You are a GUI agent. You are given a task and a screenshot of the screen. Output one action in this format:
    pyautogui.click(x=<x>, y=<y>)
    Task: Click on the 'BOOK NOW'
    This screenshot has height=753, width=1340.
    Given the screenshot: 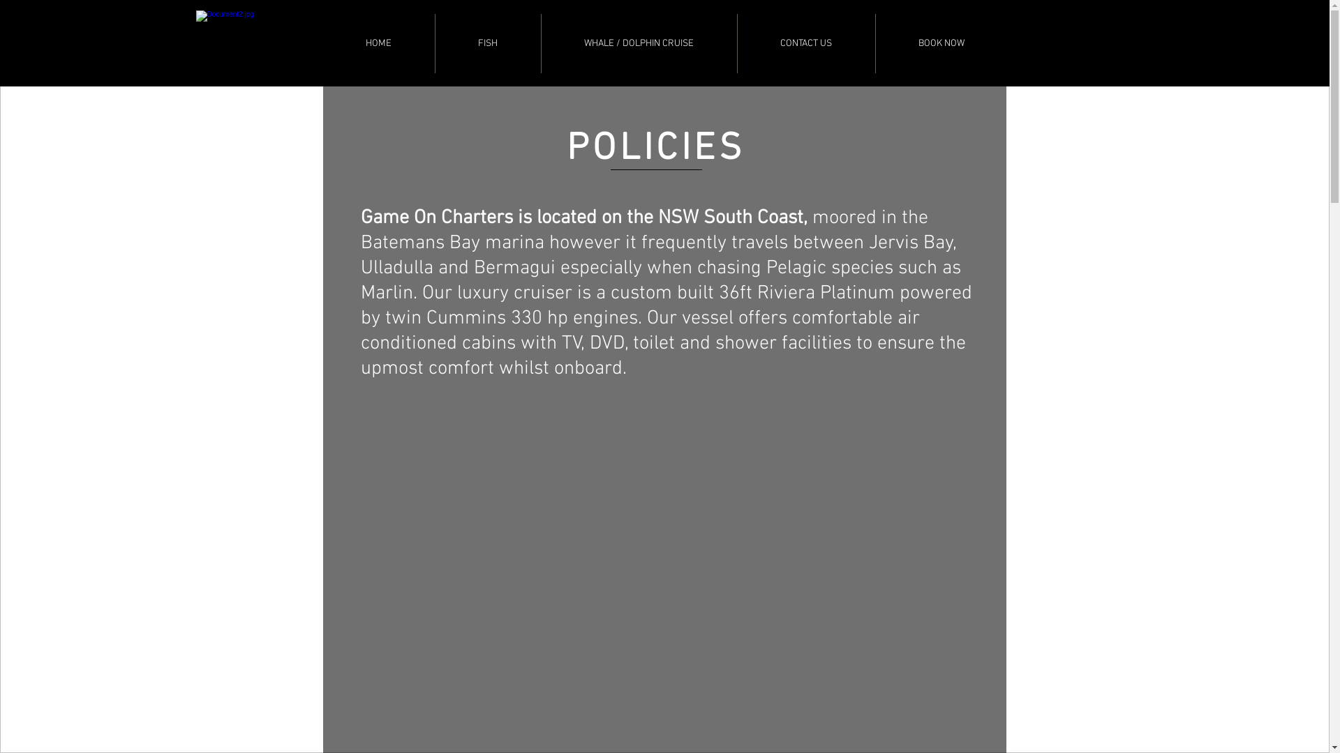 What is the action you would take?
    pyautogui.click(x=874, y=43)
    